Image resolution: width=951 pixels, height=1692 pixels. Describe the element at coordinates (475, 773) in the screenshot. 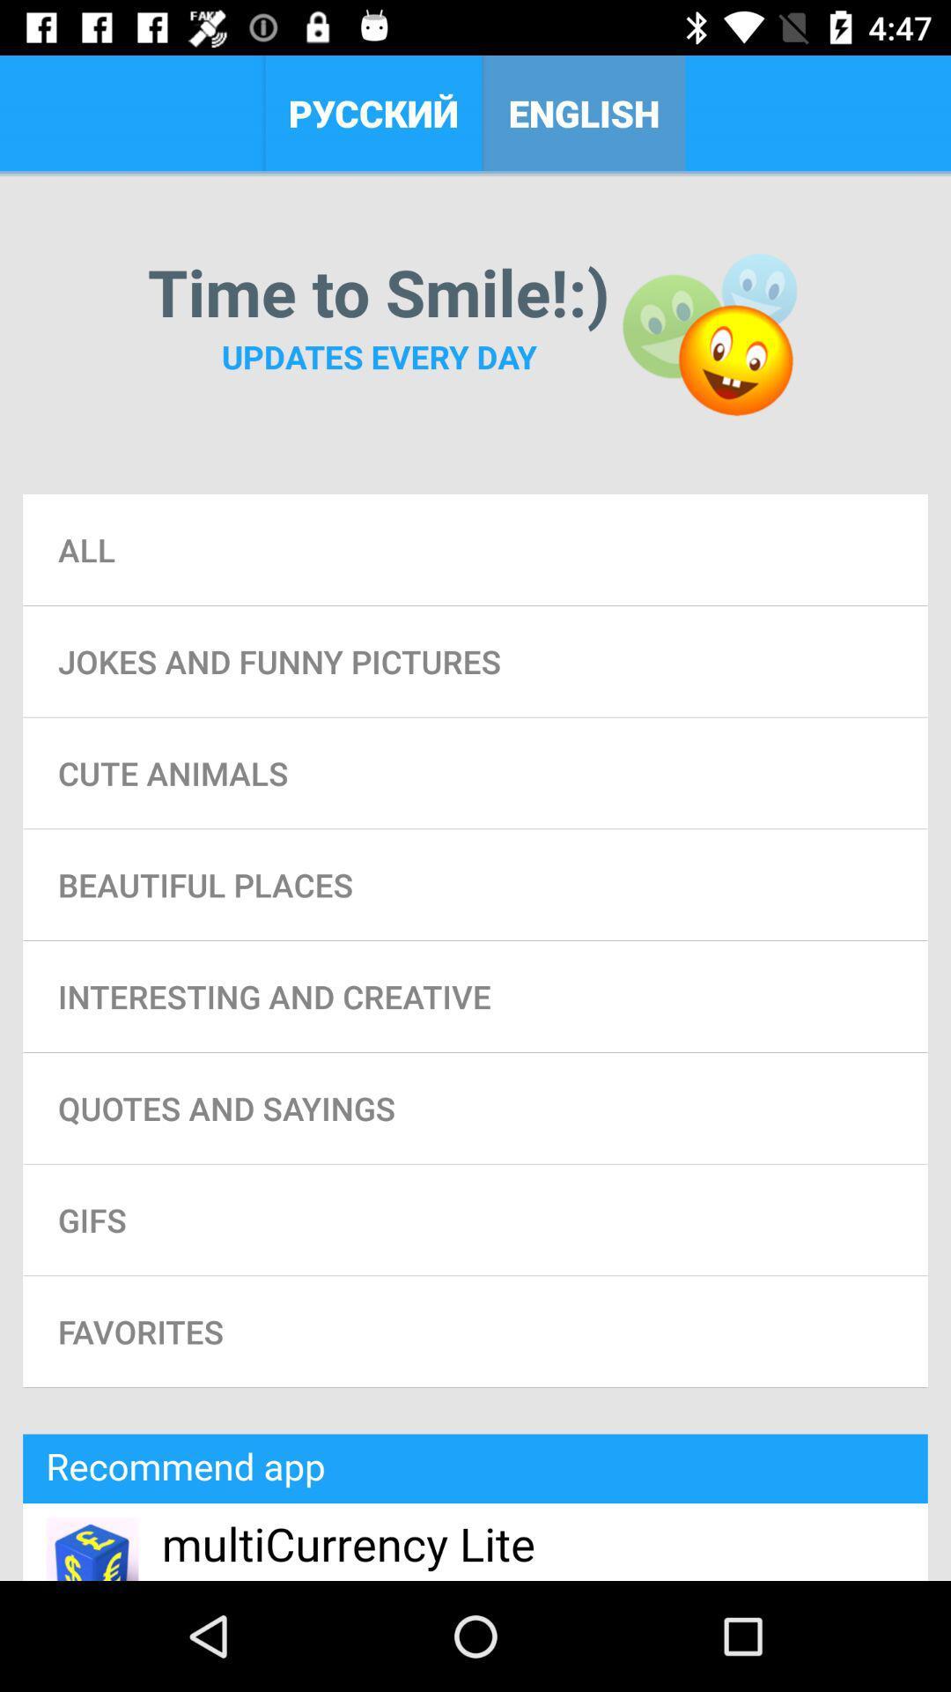

I see `the cute animals item` at that location.